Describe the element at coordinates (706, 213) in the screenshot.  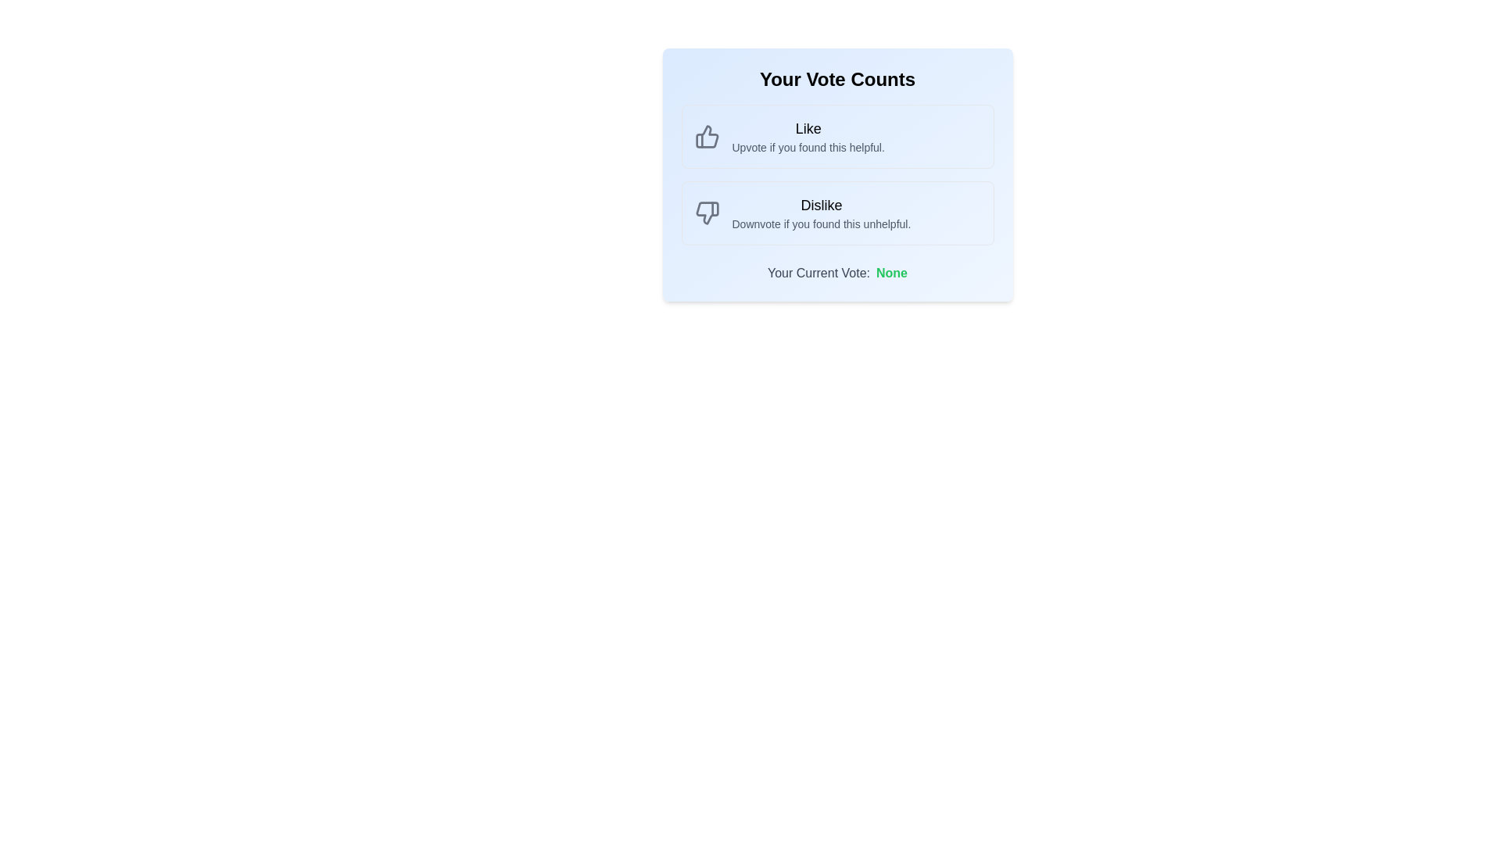
I see `the thumbs-down icon representing a dislike action, which is located to the left of the text 'Dislike - Downvote if you found this unhelpful.'` at that location.